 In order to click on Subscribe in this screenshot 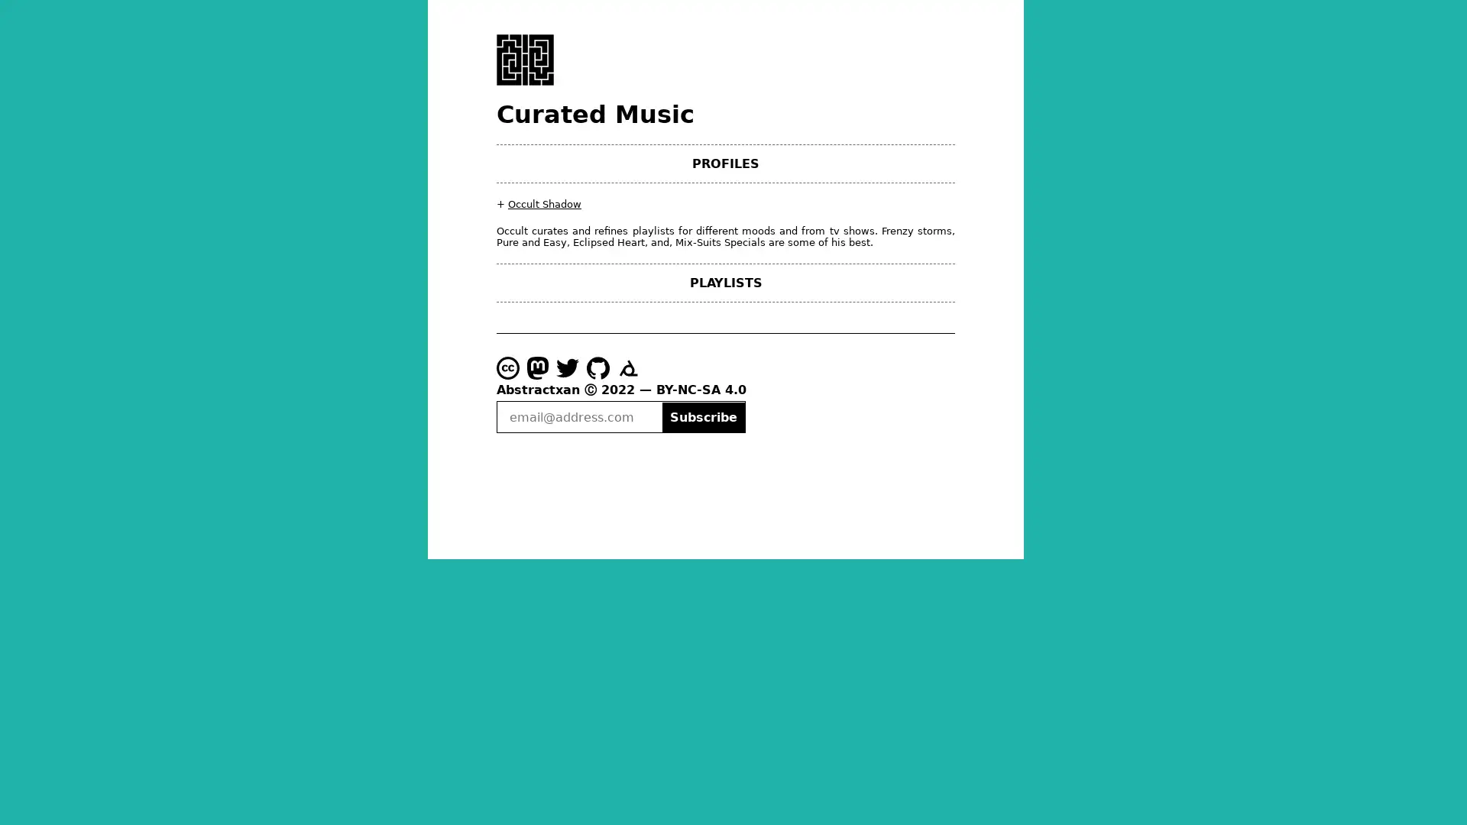, I will do `click(702, 416)`.